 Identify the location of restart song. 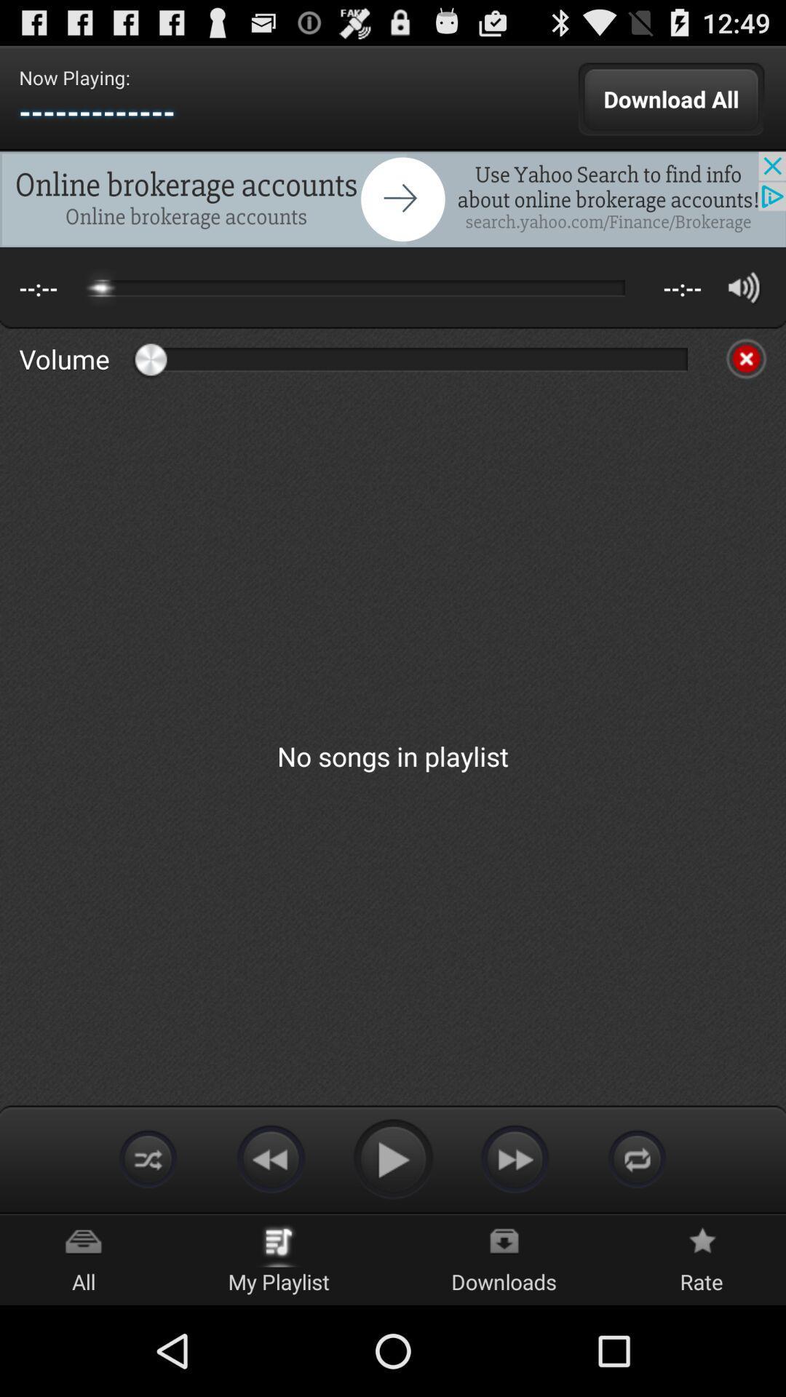
(636, 1158).